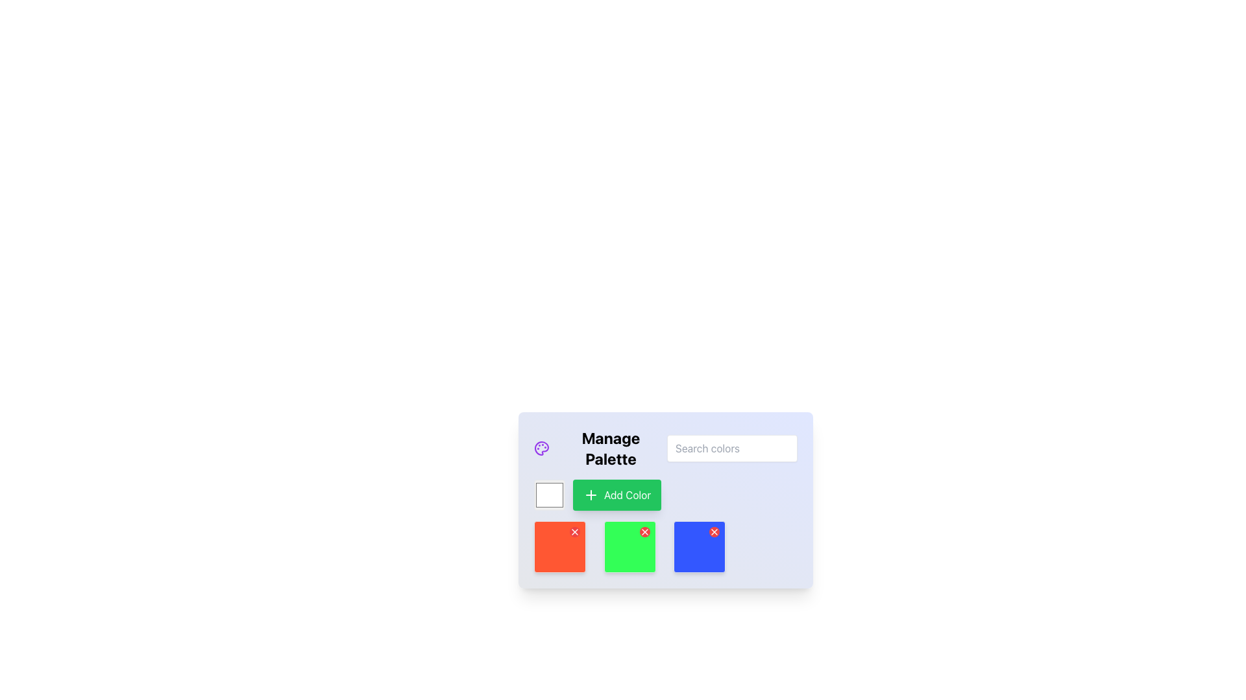 The height and width of the screenshot is (700, 1246). Describe the element at coordinates (713, 532) in the screenshot. I see `the close or delete button located in the top-right corner of the blue card, which is the third card in a three-card layout at the bottom-center of the interface` at that location.